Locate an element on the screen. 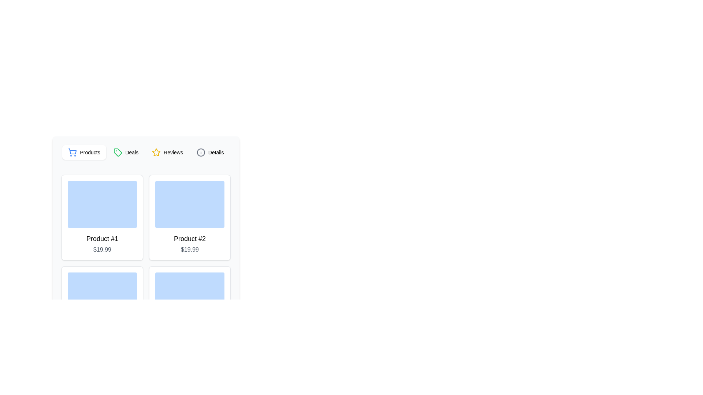 The width and height of the screenshot is (703, 395). the non-interactive label for the review-related section located in the horizontal navigation menu, which is positioned third from the left after 'Products' and 'Deals' is located at coordinates (173, 152).